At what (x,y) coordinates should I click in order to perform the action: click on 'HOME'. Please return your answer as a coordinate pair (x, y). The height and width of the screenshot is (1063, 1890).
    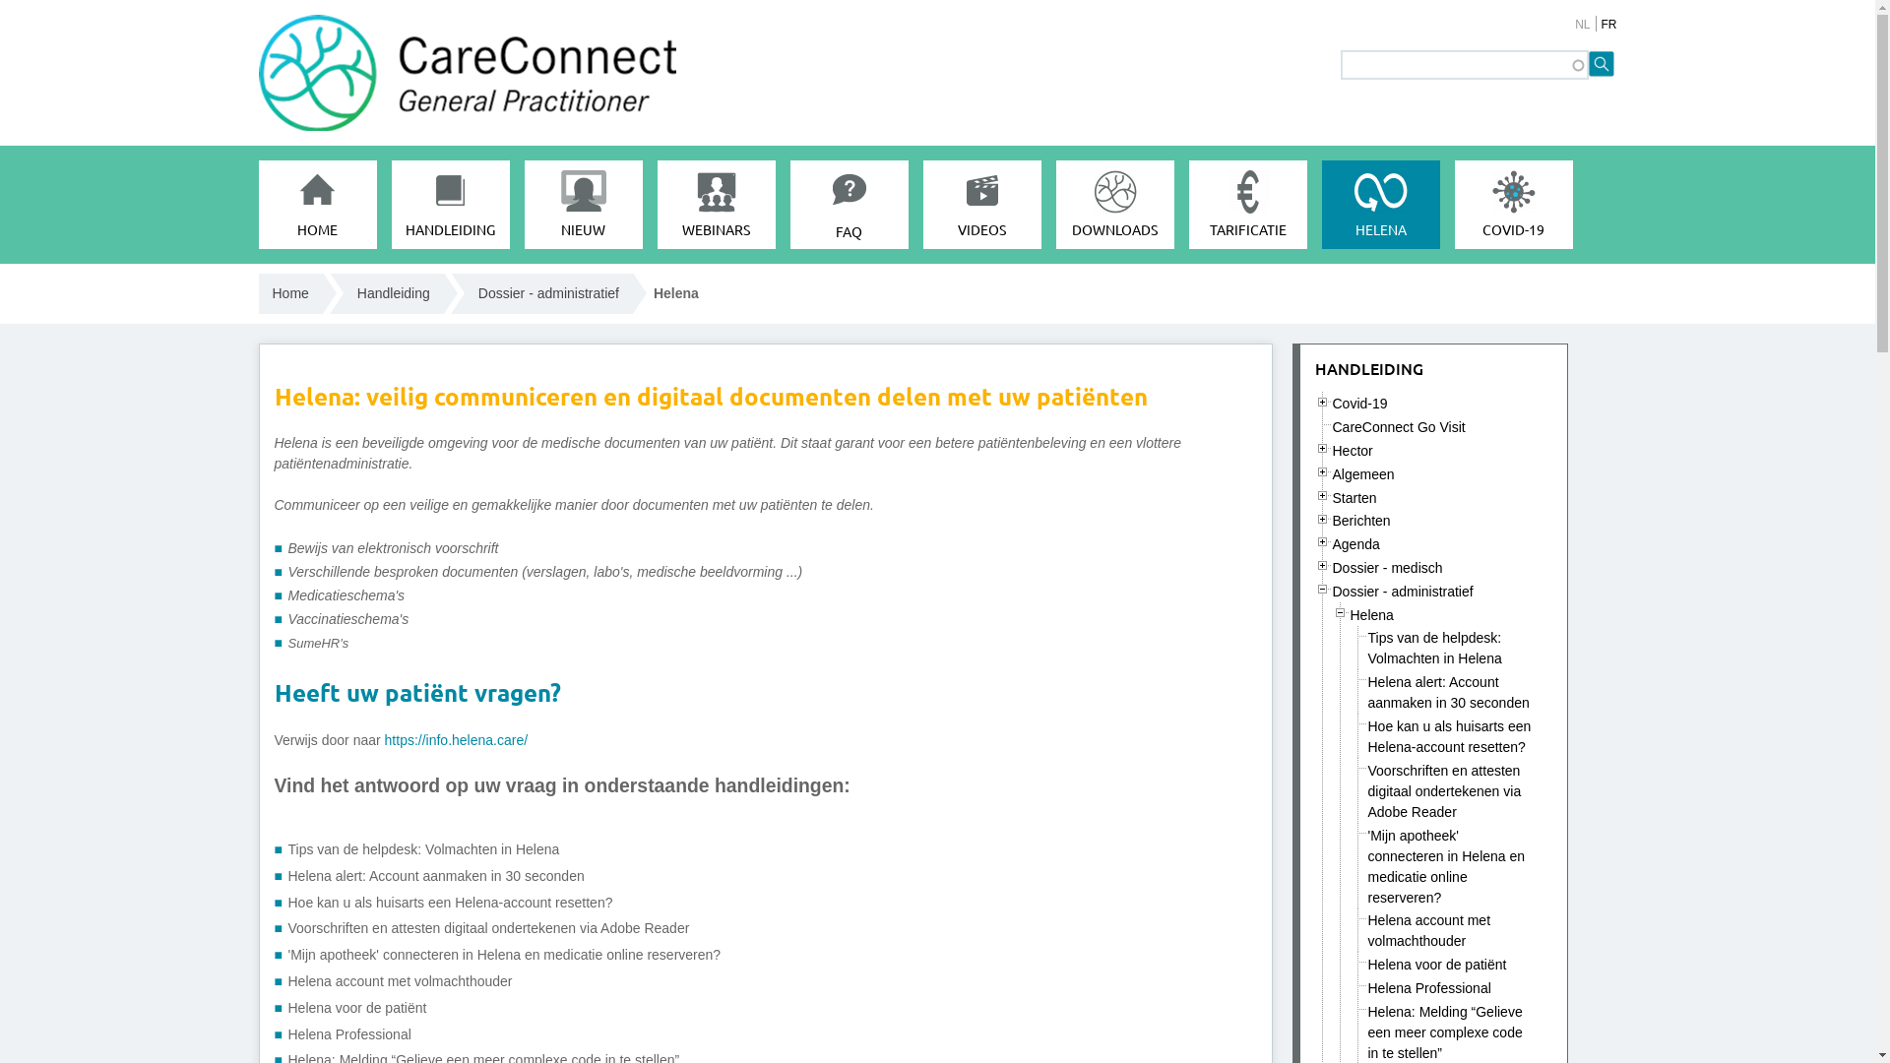
    Looking at the image, I should click on (257, 205).